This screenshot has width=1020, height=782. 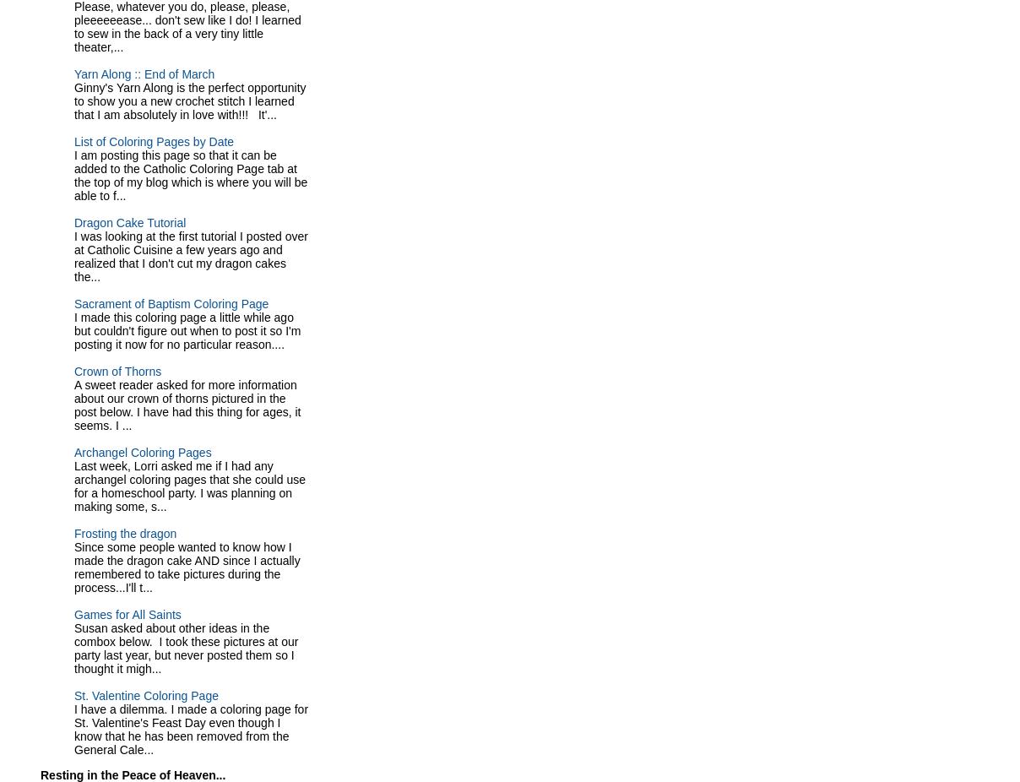 What do you see at coordinates (73, 451) in the screenshot?
I see `'Archangel Coloring Pages'` at bounding box center [73, 451].